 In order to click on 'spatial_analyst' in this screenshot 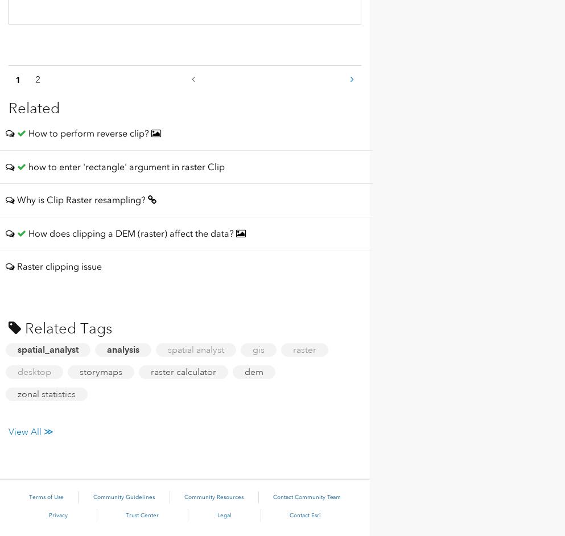, I will do `click(47, 349)`.